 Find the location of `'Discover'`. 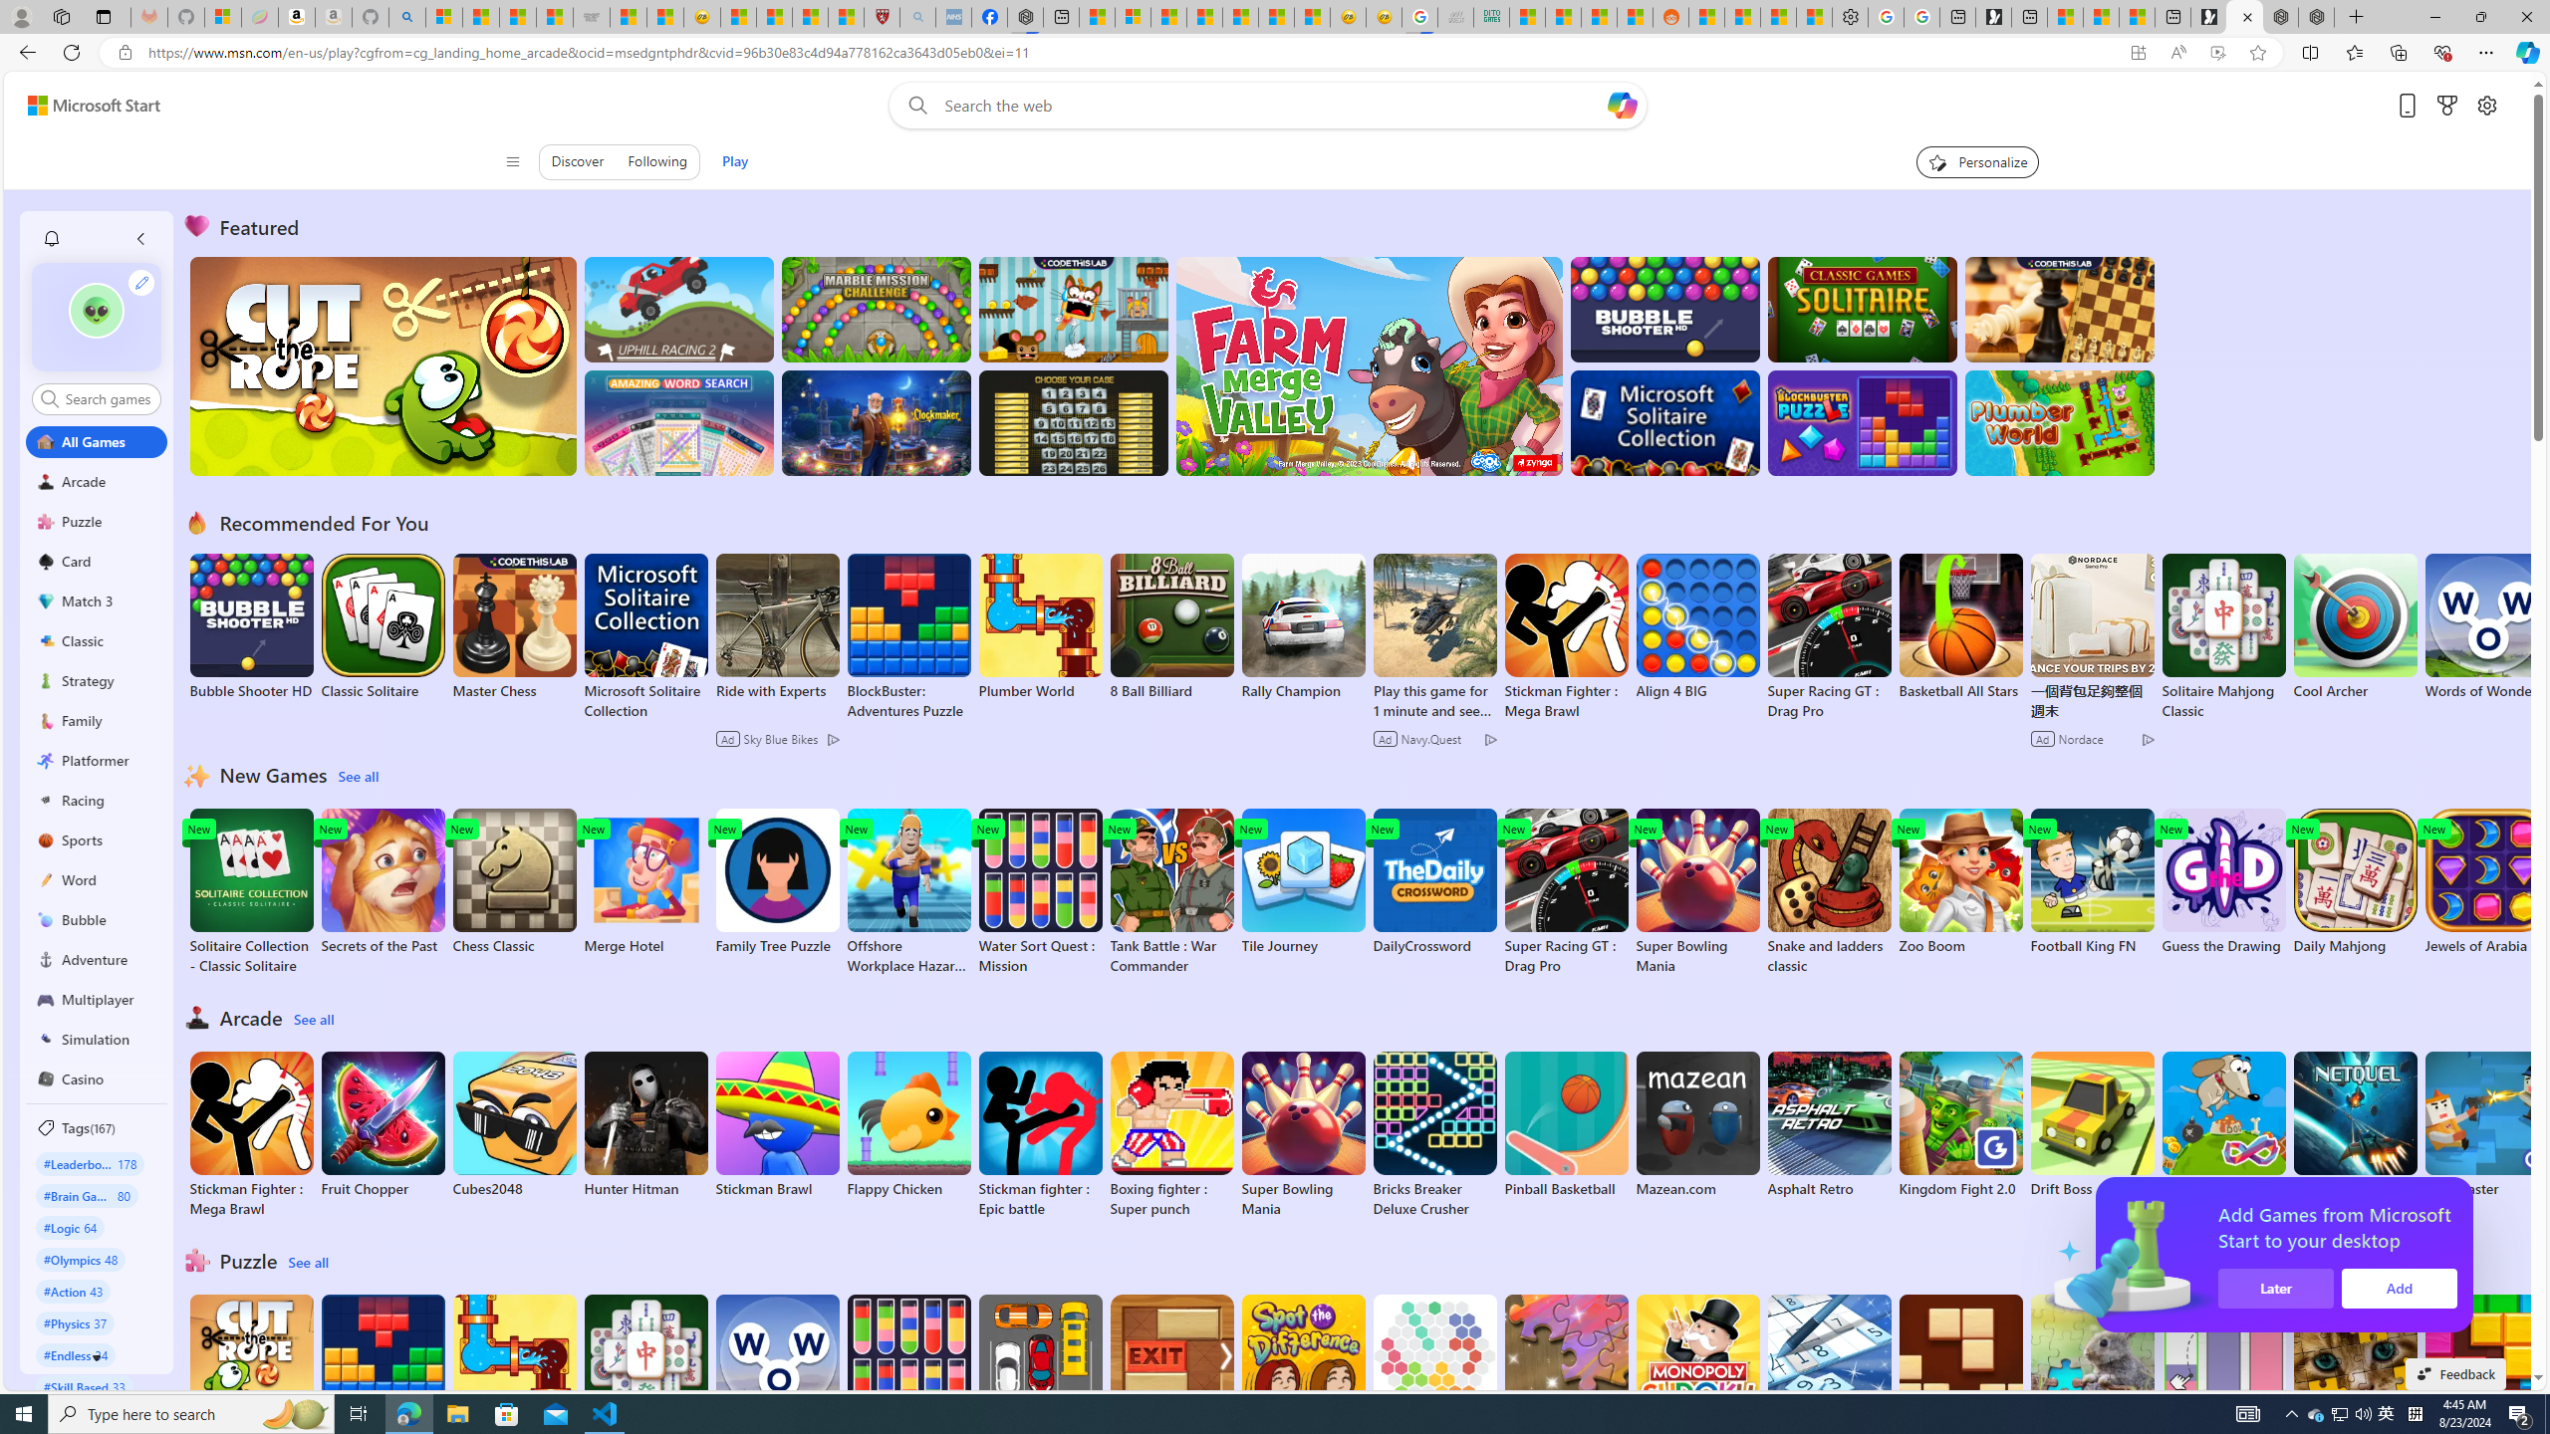

'Discover' is located at coordinates (576, 160).